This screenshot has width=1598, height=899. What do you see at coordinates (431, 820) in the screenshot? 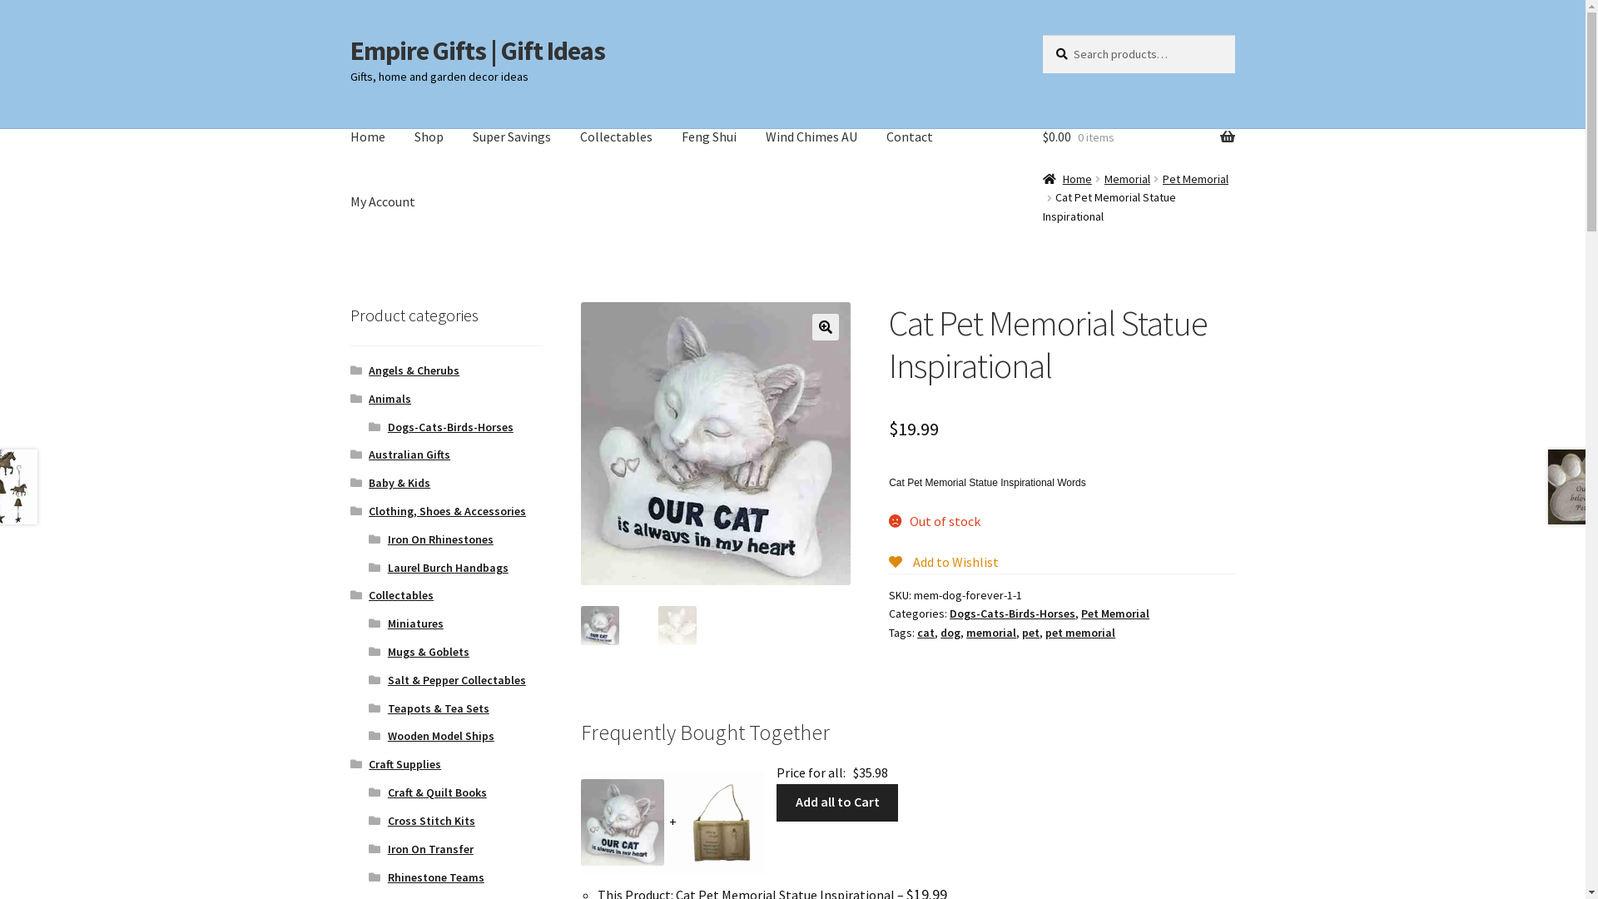
I see `'Cross Stitch Kits'` at bounding box center [431, 820].